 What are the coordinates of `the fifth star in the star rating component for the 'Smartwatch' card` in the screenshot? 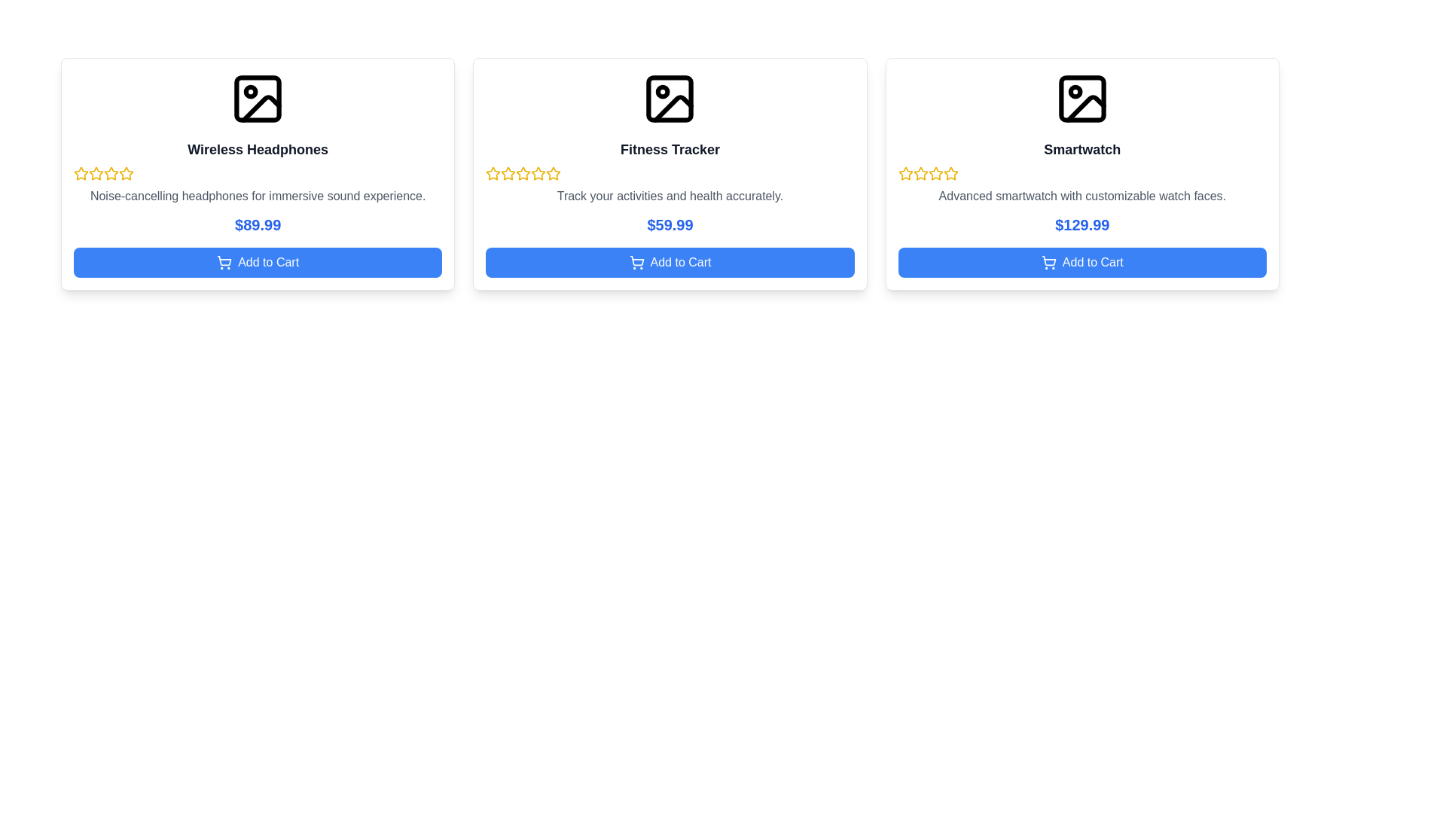 It's located at (950, 173).